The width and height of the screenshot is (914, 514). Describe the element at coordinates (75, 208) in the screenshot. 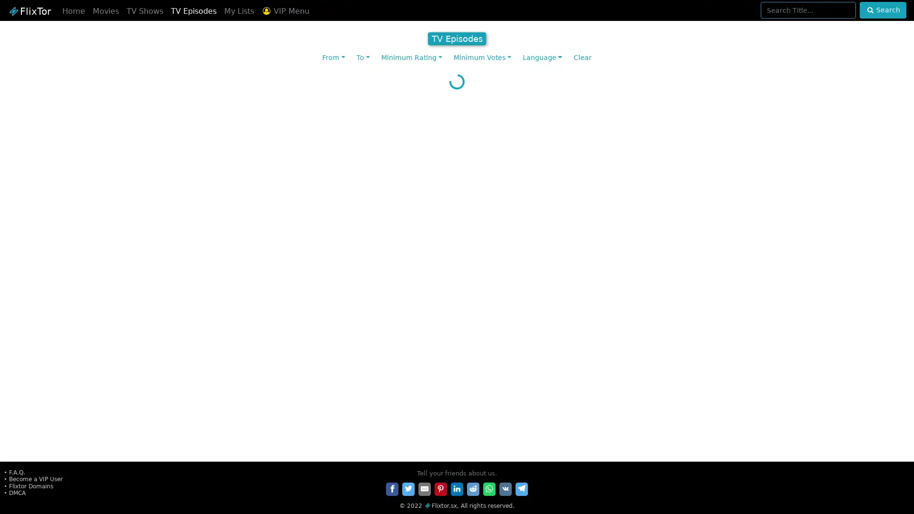

I see `Watch Now` at that location.